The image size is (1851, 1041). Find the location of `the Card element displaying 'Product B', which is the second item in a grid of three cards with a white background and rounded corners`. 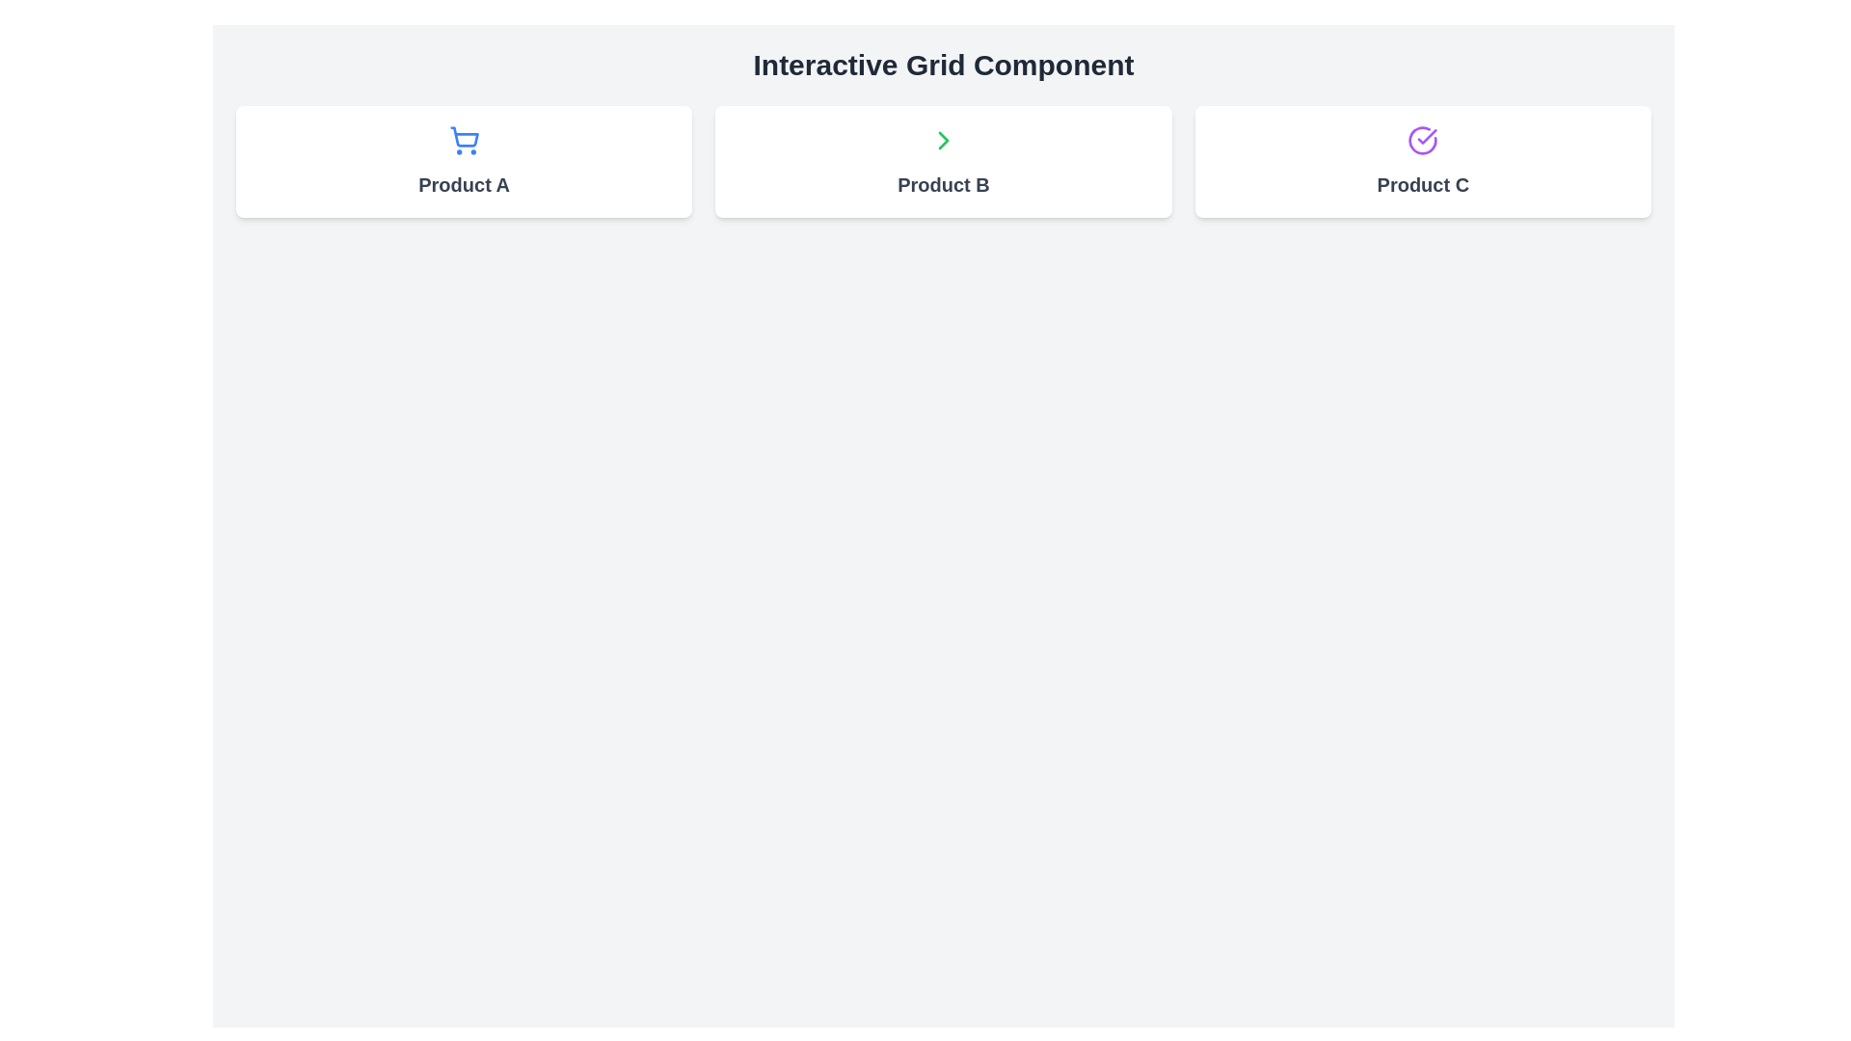

the Card element displaying 'Product B', which is the second item in a grid of three cards with a white background and rounded corners is located at coordinates (944, 161).